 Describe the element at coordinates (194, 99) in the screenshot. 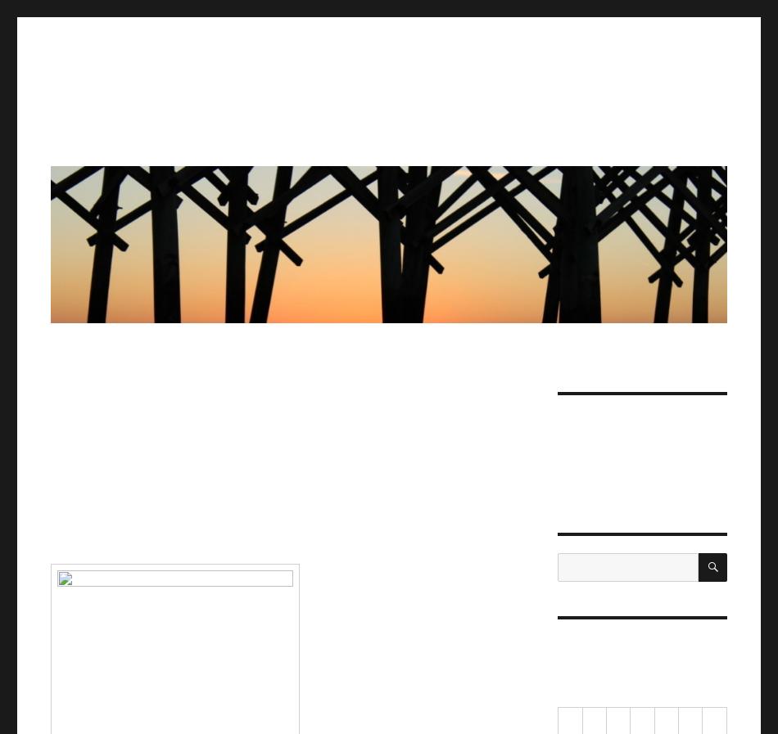

I see `'Jorah's 80% Fat-Free Blog'` at that location.